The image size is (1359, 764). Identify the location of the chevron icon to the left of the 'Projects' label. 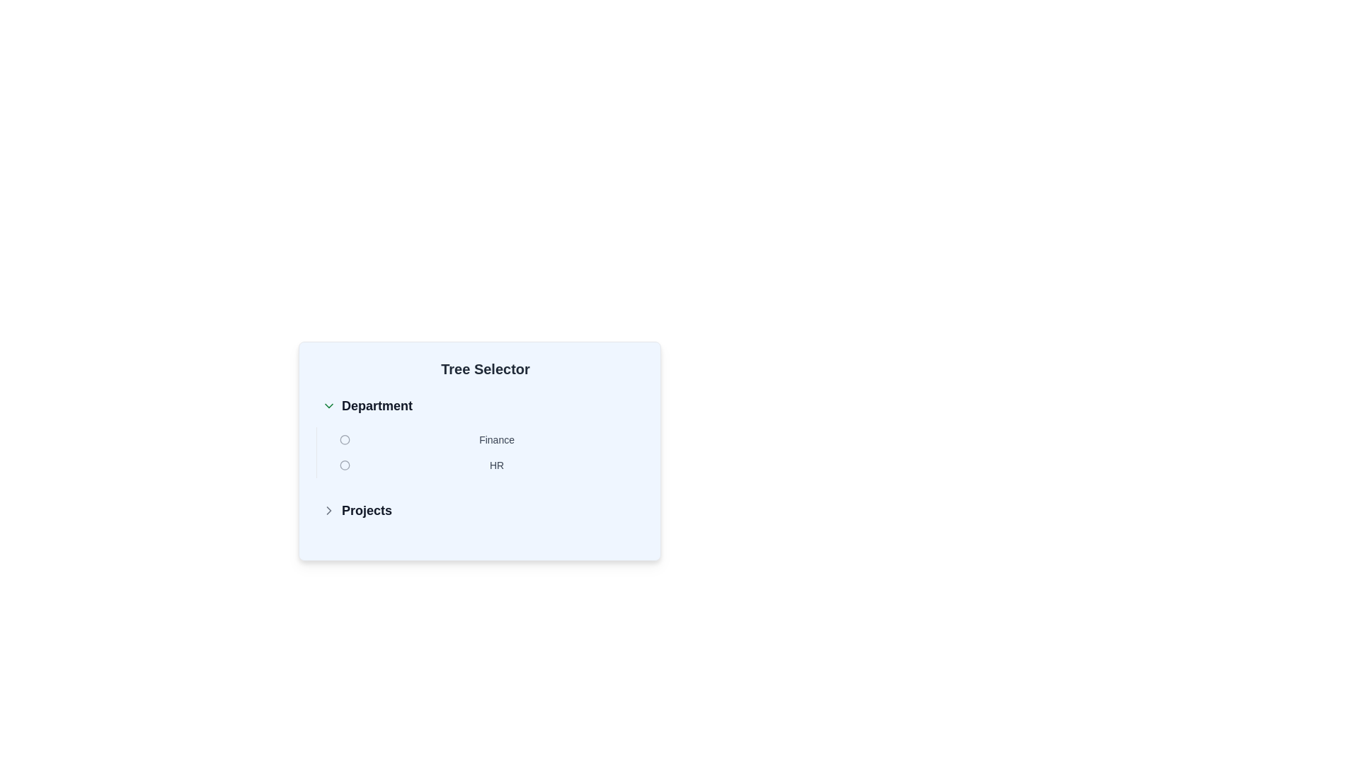
(328, 510).